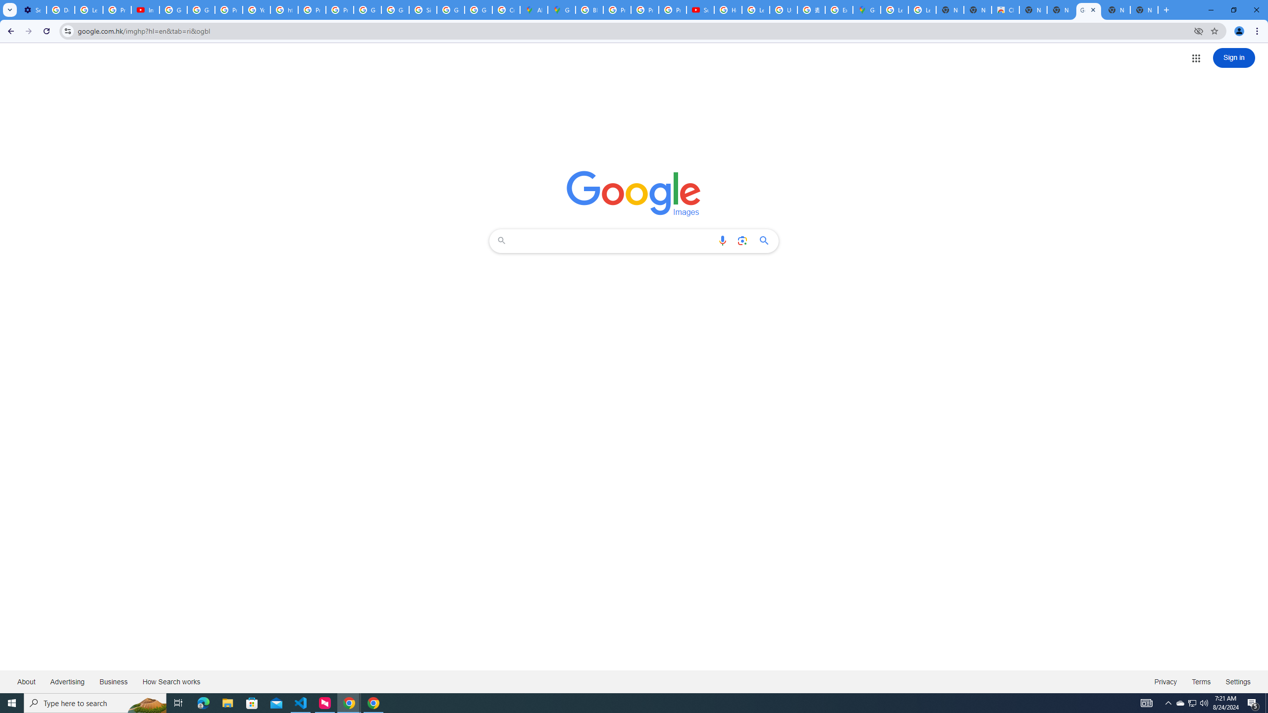 This screenshot has height=713, width=1268. What do you see at coordinates (1144, 9) in the screenshot?
I see `'New Tab'` at bounding box center [1144, 9].